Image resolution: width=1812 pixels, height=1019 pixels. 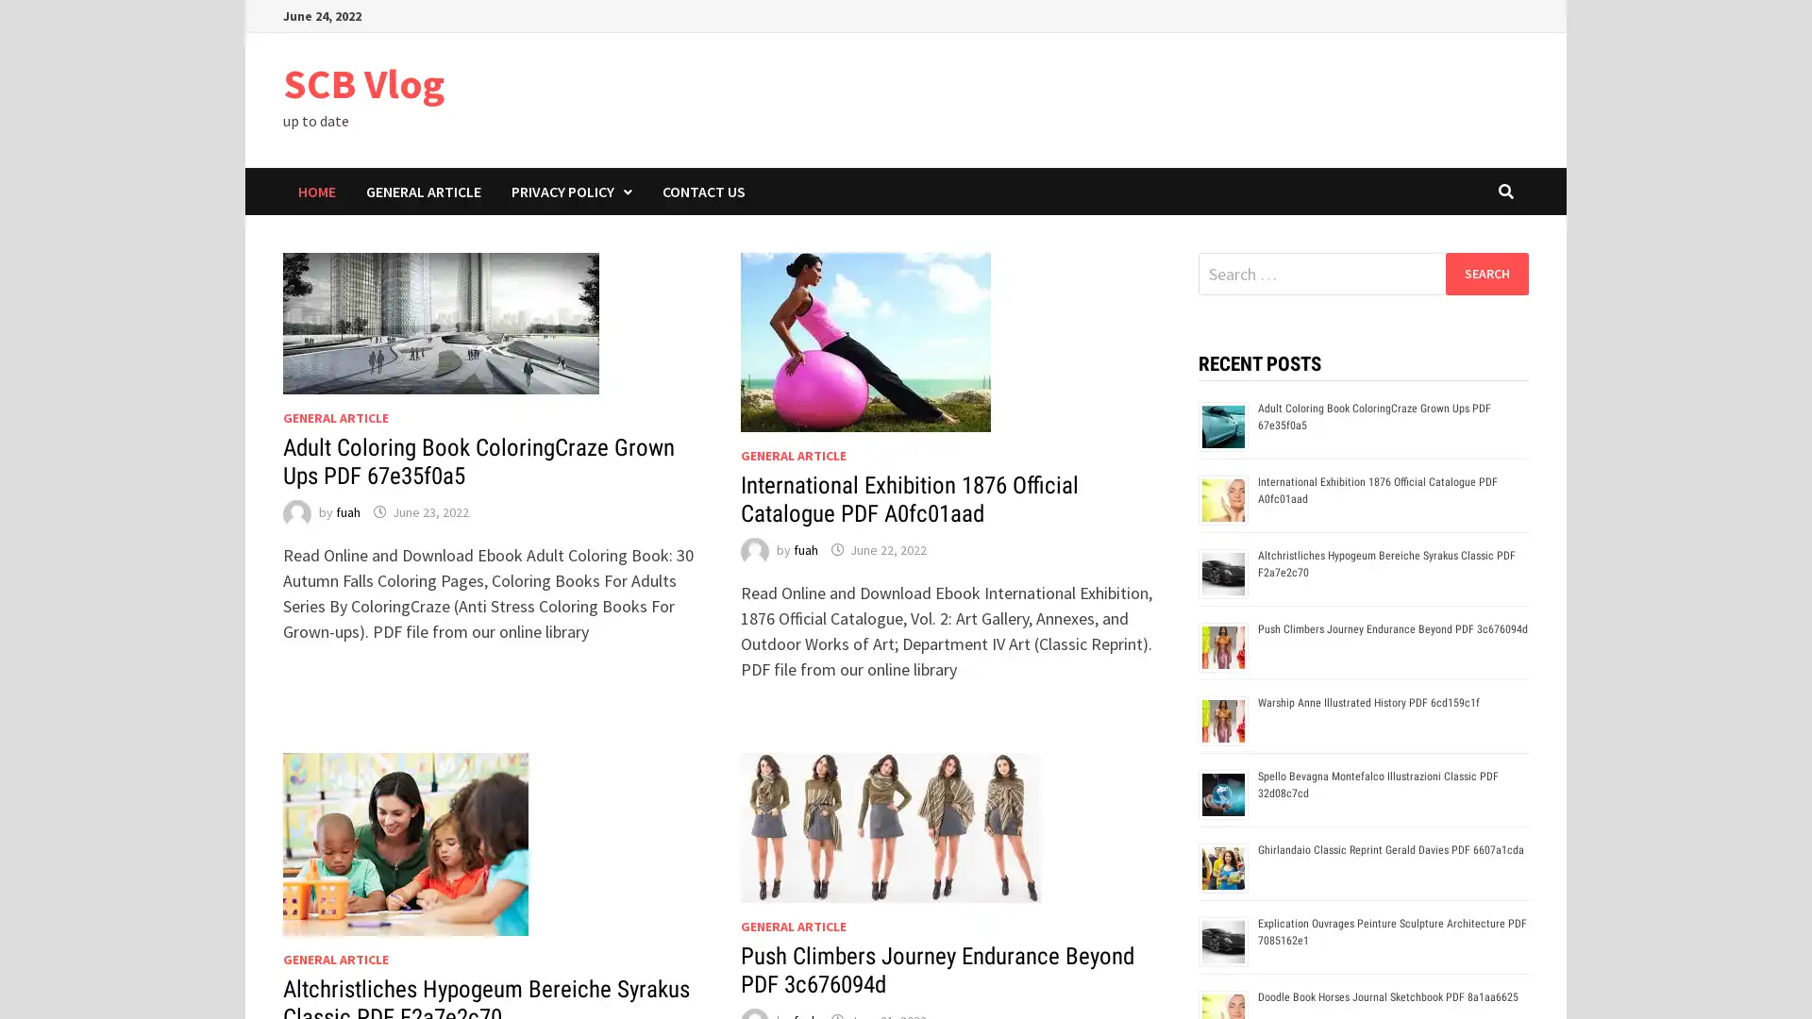 What do you see at coordinates (1485, 273) in the screenshot?
I see `Search` at bounding box center [1485, 273].